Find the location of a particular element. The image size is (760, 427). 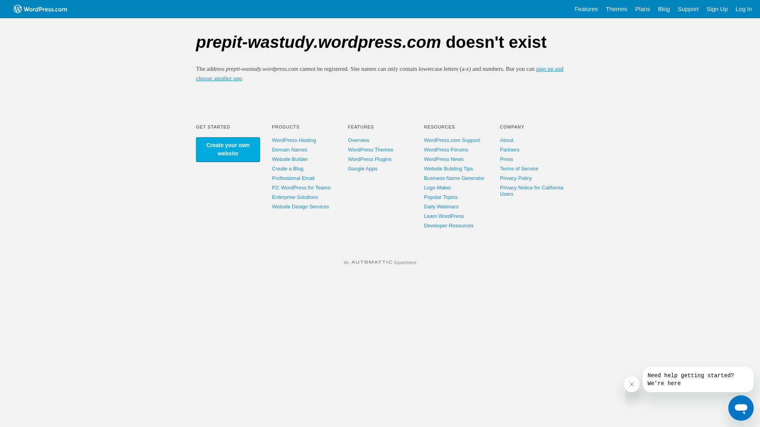

'WordPress Plugins' is located at coordinates (348, 159).